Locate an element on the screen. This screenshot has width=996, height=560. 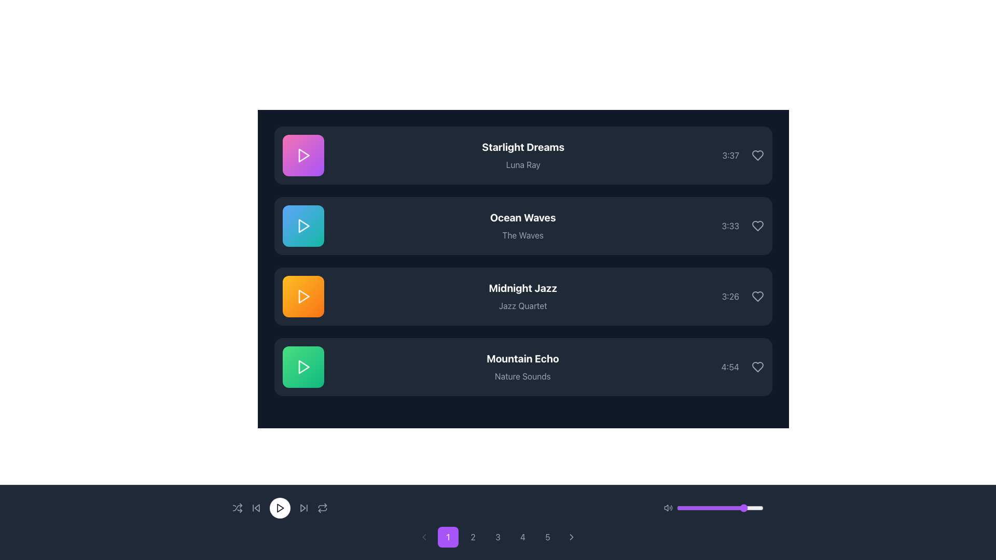
the slider is located at coordinates (732, 507).